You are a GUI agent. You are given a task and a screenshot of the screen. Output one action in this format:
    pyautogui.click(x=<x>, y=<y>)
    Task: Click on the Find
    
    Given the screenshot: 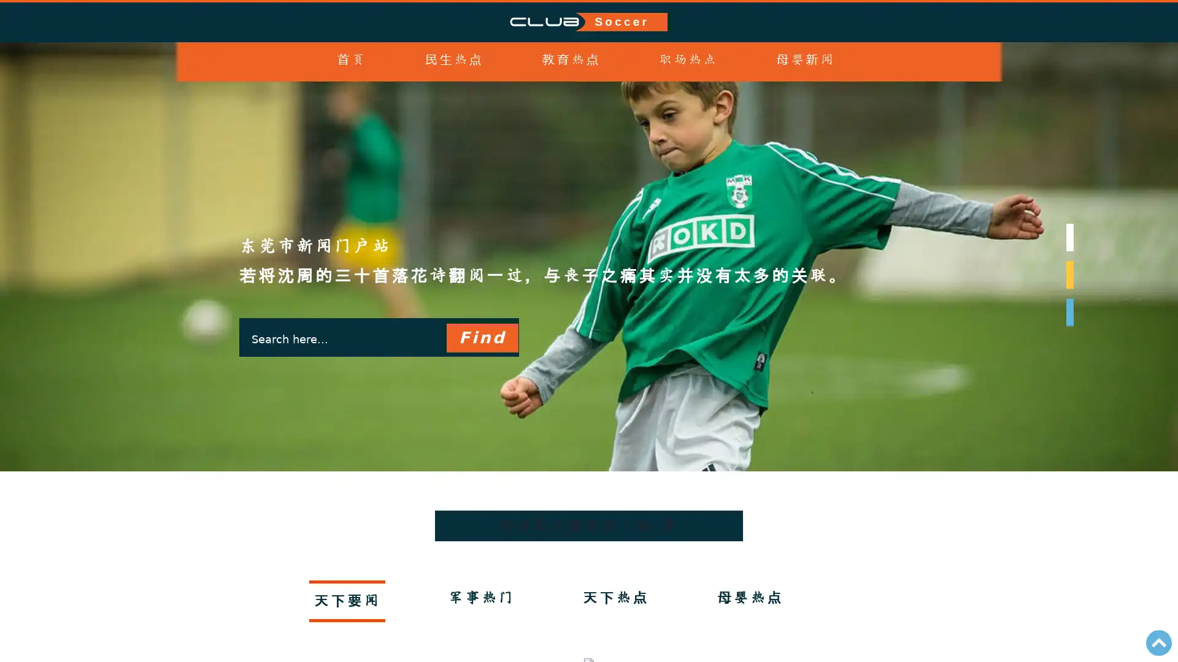 What is the action you would take?
    pyautogui.click(x=481, y=338)
    